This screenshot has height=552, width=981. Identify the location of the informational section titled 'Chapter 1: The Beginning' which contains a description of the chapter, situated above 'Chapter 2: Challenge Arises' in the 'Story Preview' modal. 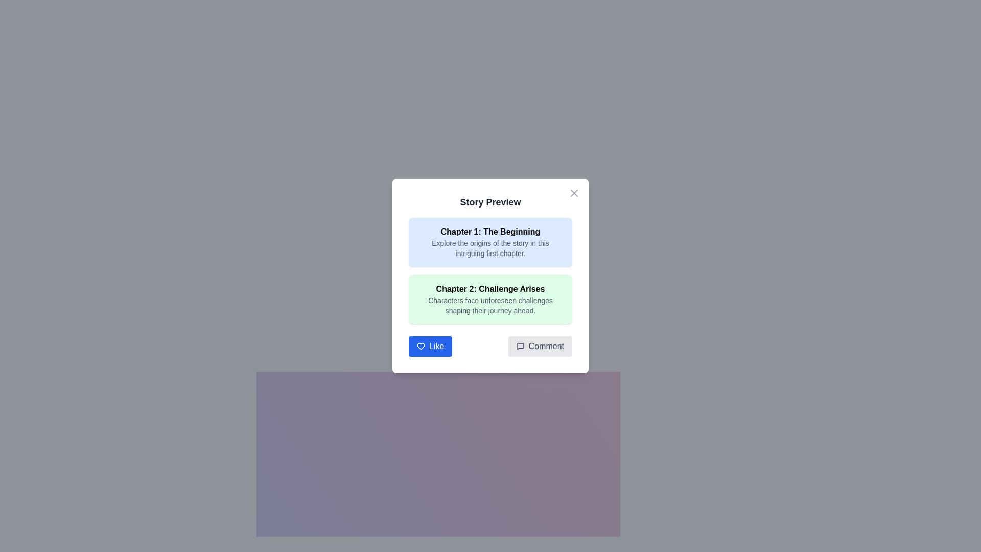
(491, 242).